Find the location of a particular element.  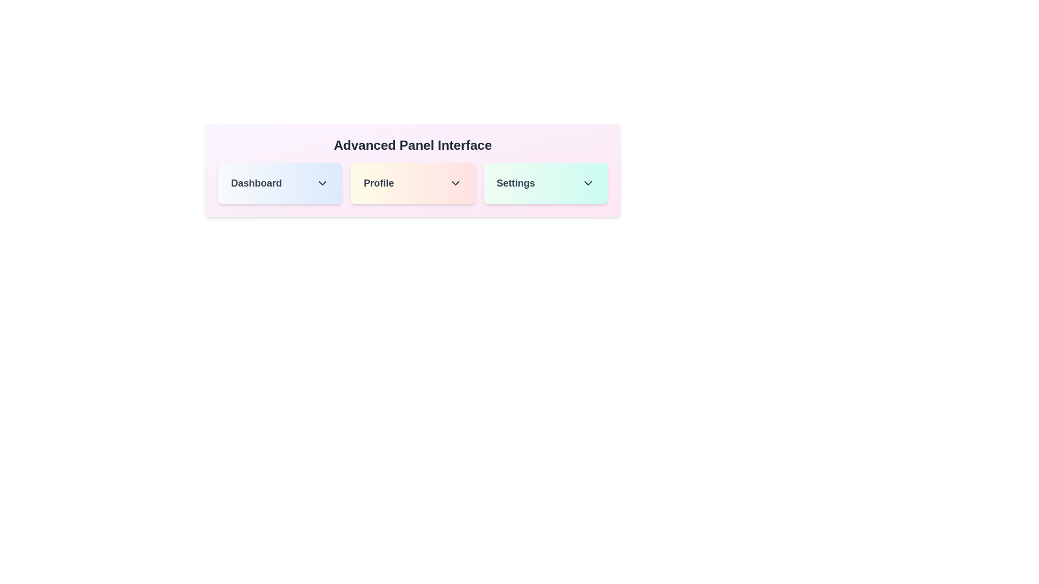

the expanded grid item corresponding to Dashboard to collapse it is located at coordinates (280, 183).